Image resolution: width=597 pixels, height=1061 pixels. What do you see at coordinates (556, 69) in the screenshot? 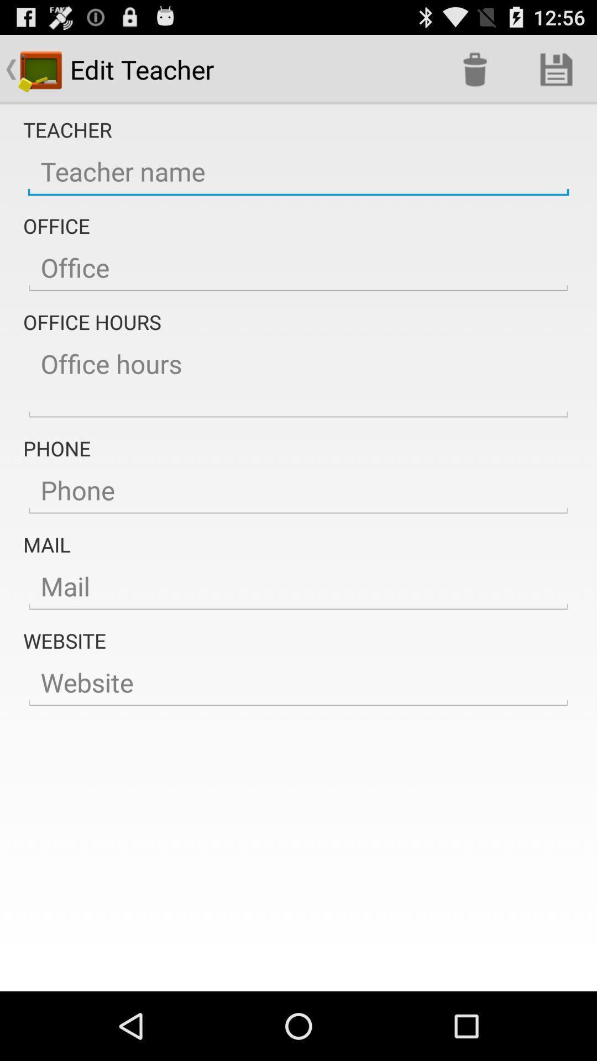
I see `save icon` at bounding box center [556, 69].